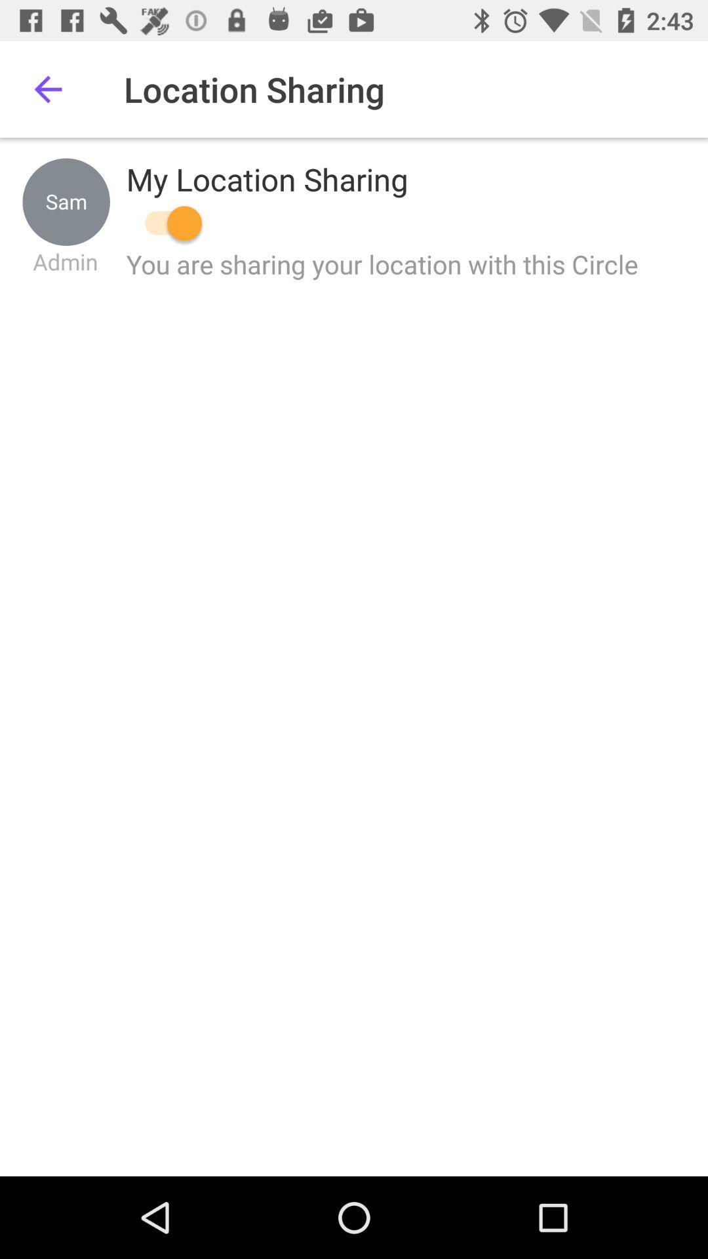  Describe the element at coordinates (166, 223) in the screenshot. I see `switch on location sharing` at that location.